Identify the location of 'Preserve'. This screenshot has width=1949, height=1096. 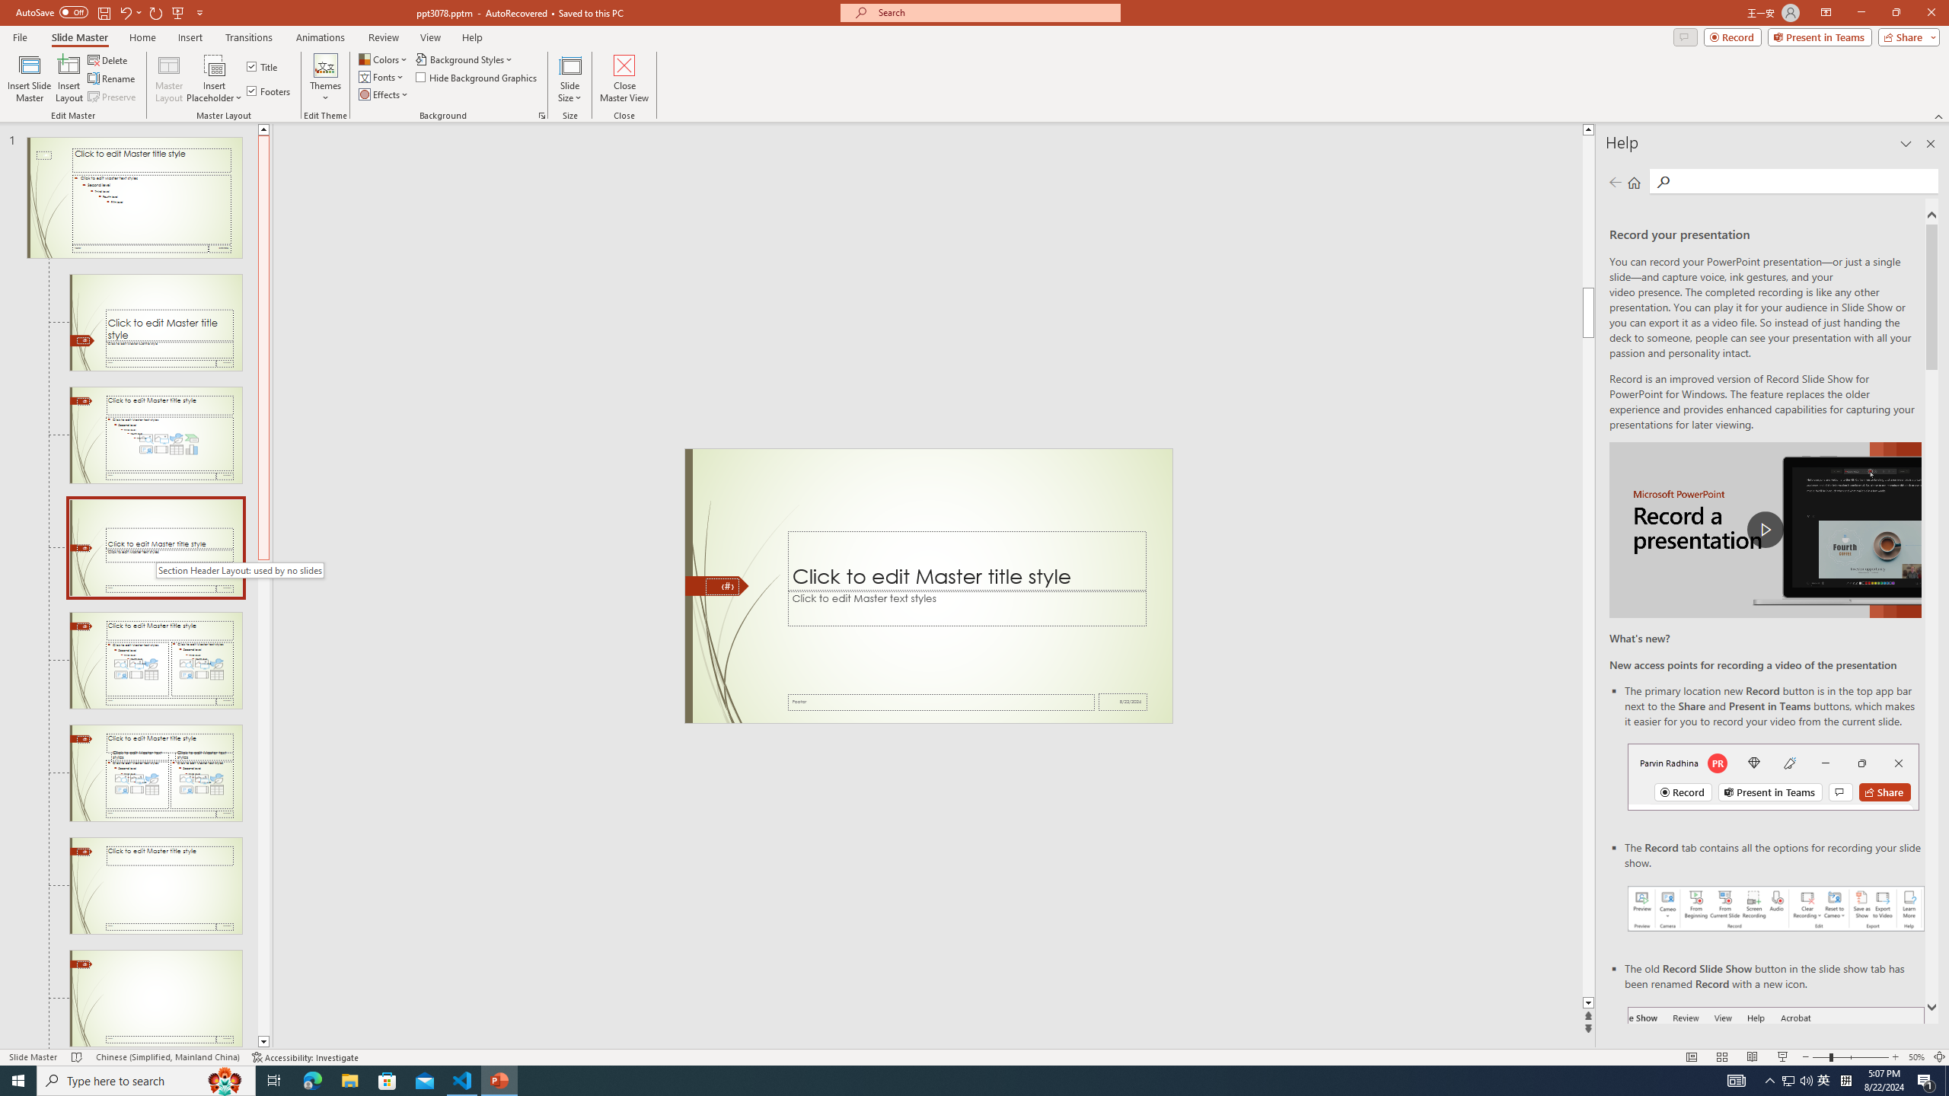
(112, 97).